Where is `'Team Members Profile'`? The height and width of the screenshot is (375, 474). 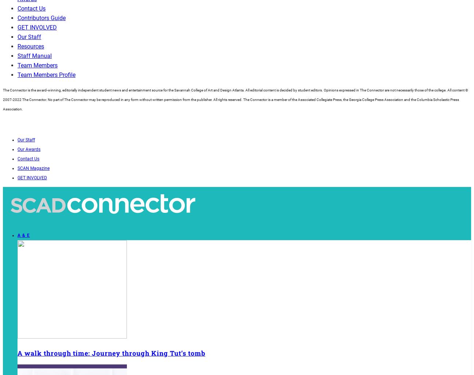 'Team Members Profile' is located at coordinates (46, 75).